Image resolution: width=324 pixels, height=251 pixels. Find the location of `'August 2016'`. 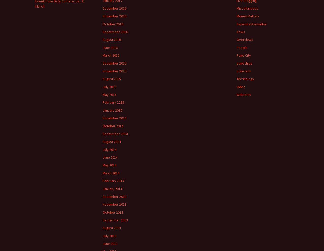

'August 2016' is located at coordinates (111, 40).